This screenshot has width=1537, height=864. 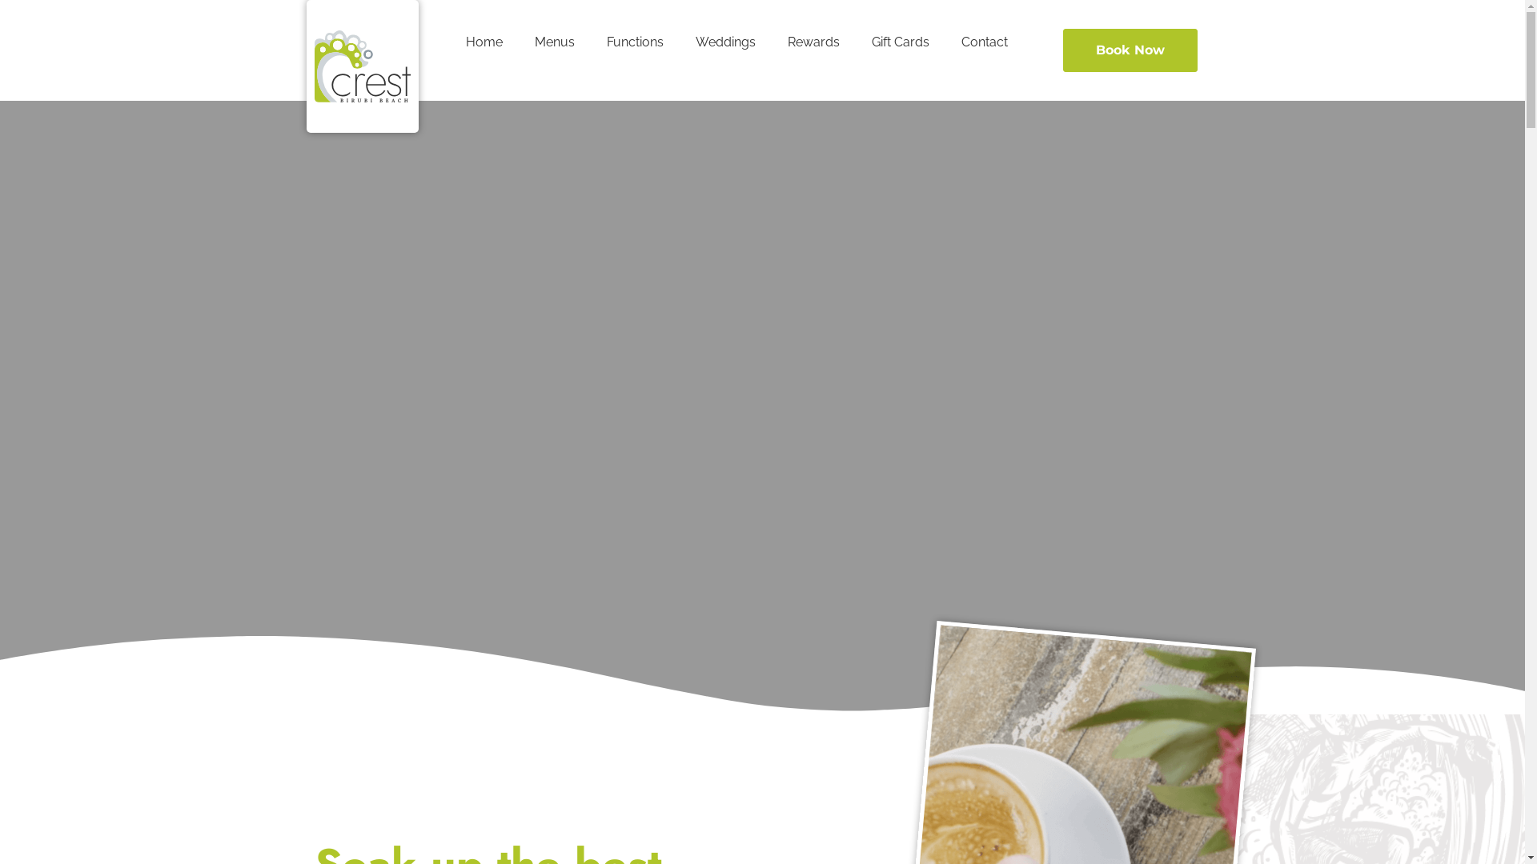 I want to click on 'Functions', so click(x=590, y=42).